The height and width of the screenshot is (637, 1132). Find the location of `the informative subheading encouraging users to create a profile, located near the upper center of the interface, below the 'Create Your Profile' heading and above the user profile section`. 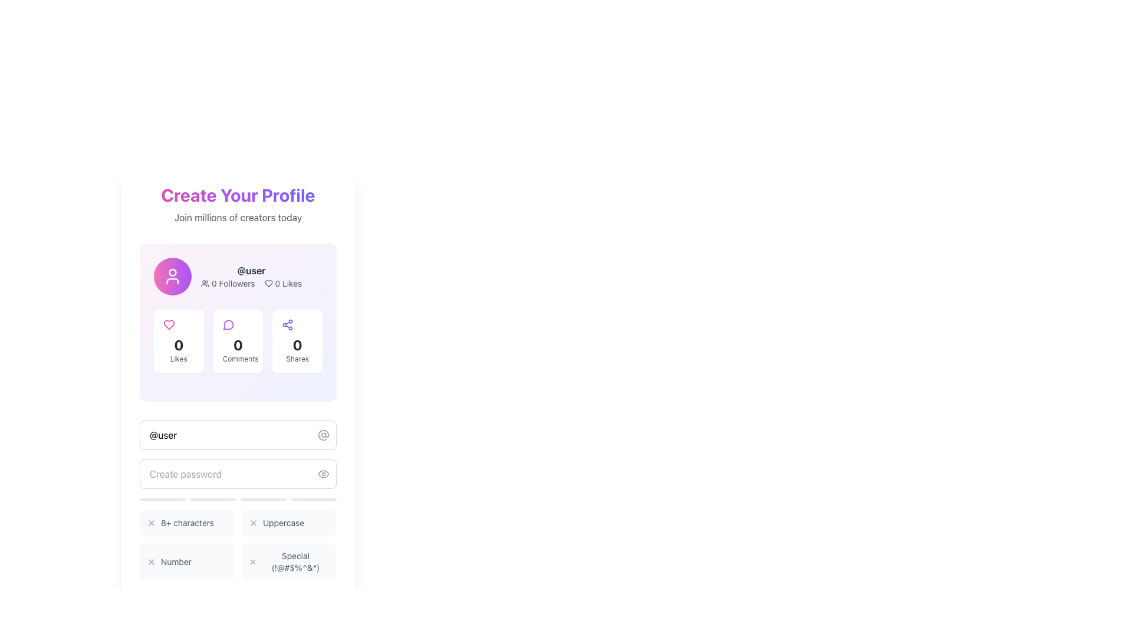

the informative subheading encouraging users to create a profile, located near the upper center of the interface, below the 'Create Your Profile' heading and above the user profile section is located at coordinates (237, 218).